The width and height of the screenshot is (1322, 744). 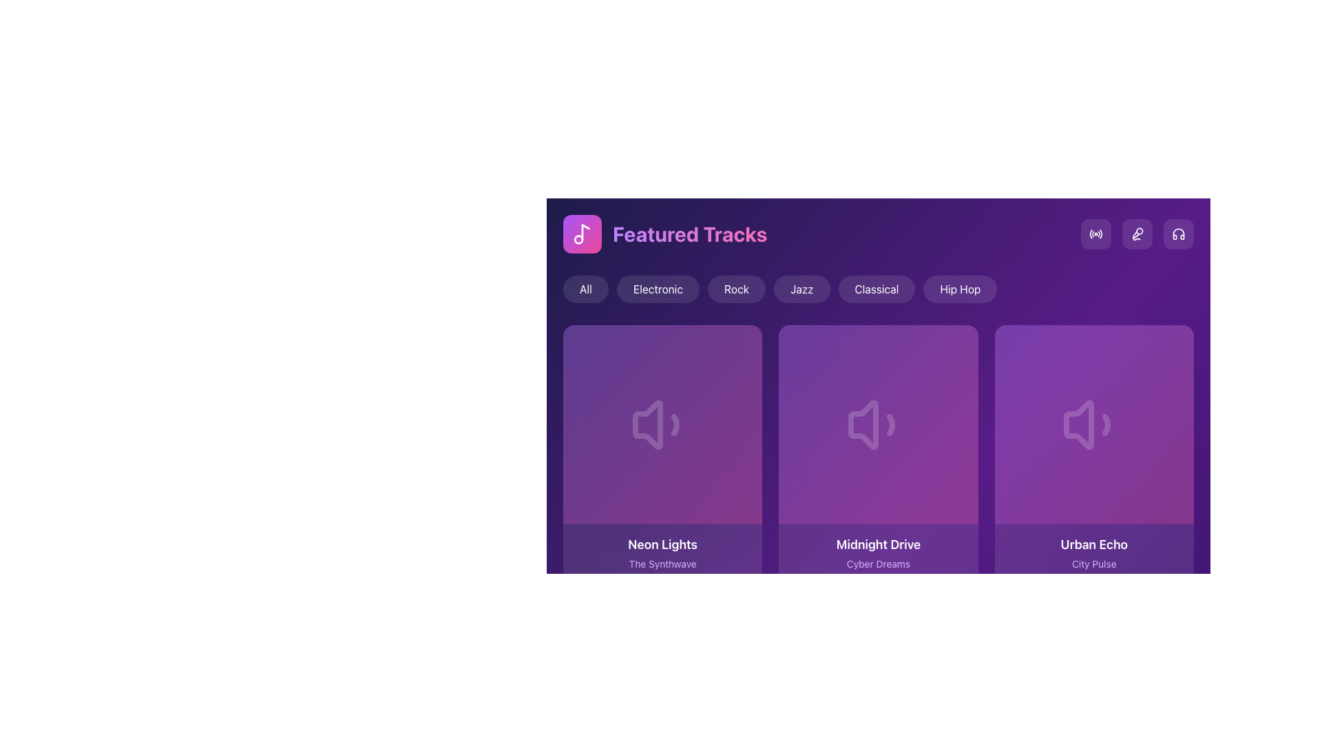 What do you see at coordinates (1093, 424) in the screenshot?
I see `the volume icon, which resembles a speaker emitting sound waves, located at the rightmost position in the row of cards under the 'Featured Tracks' header` at bounding box center [1093, 424].